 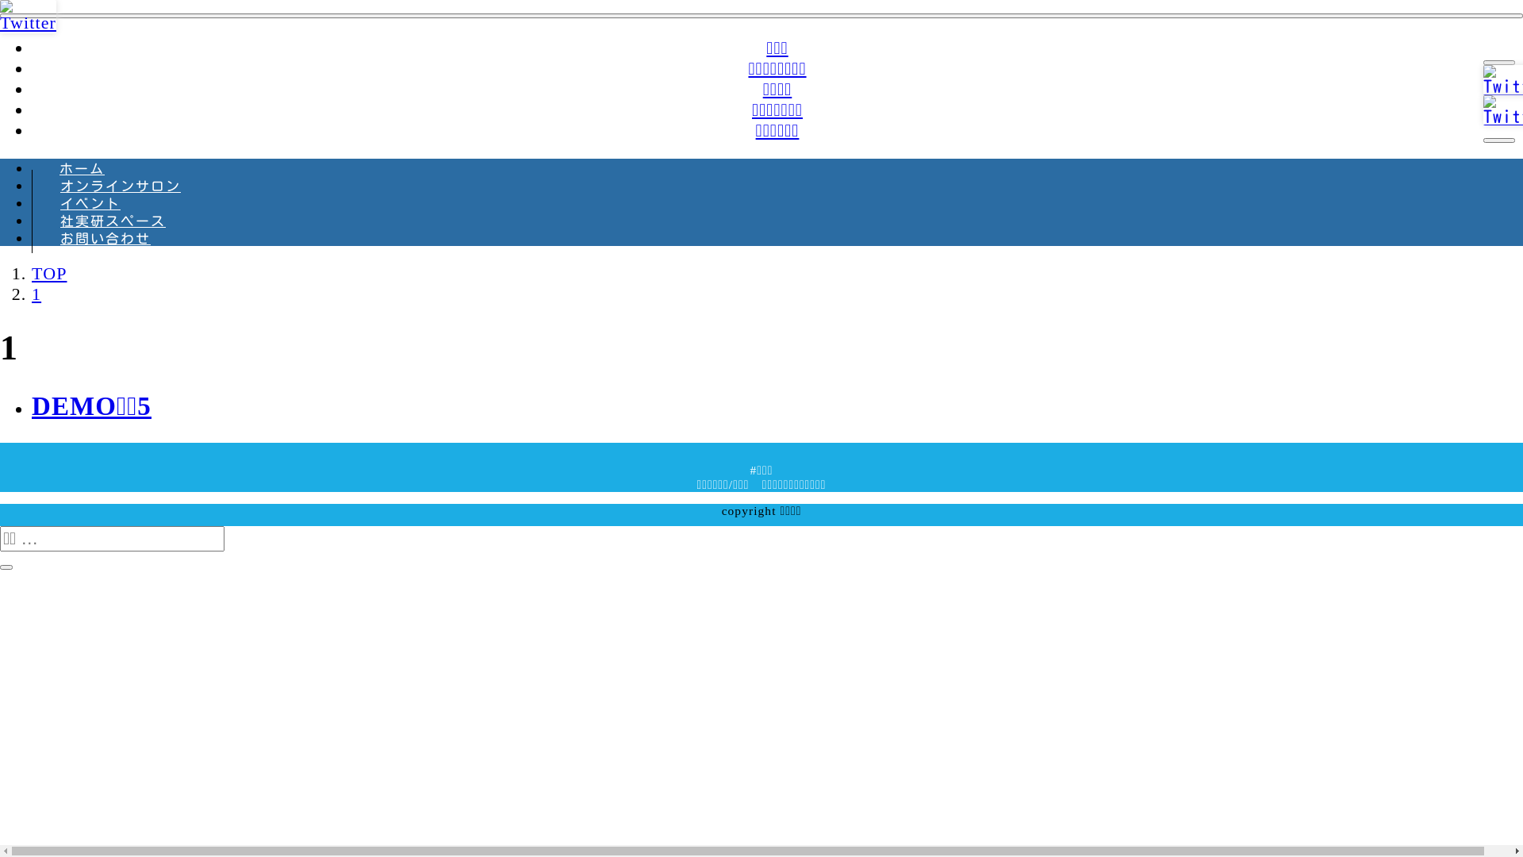 What do you see at coordinates (36, 294) in the screenshot?
I see `'1'` at bounding box center [36, 294].